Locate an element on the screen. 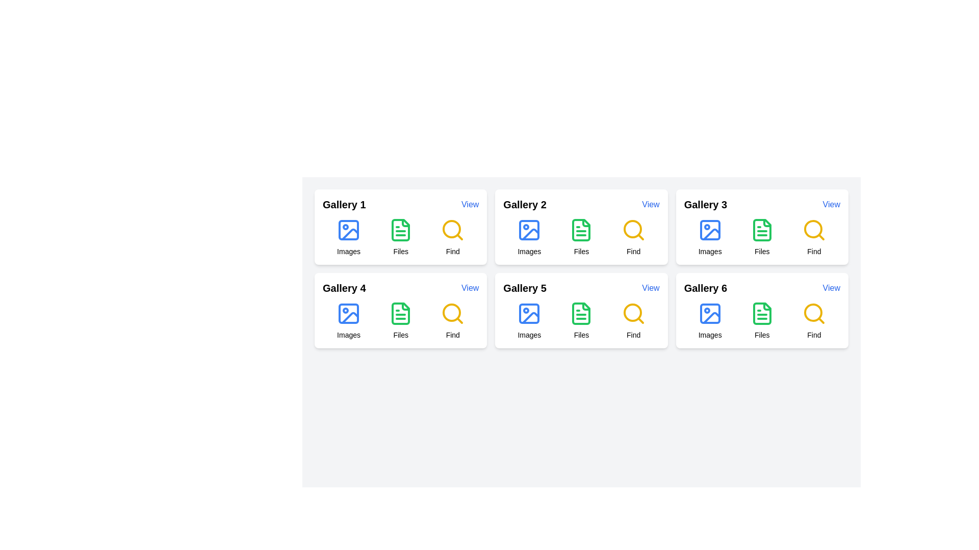  the text label displaying 'Images' located in the bottom-left corner of the fourth gallery card titled 'Gallery 4' in the second row of the grid layout is located at coordinates (349, 335).